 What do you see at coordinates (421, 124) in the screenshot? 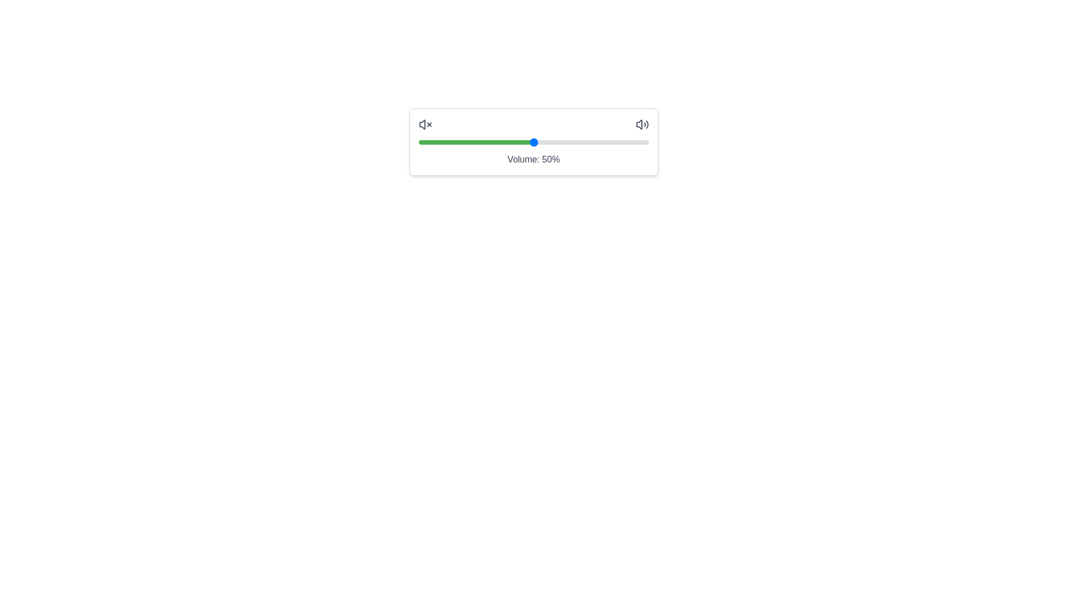
I see `the state of the mute icon located at the top-left corner of the volume control widget, which indicates the muted sound state` at bounding box center [421, 124].